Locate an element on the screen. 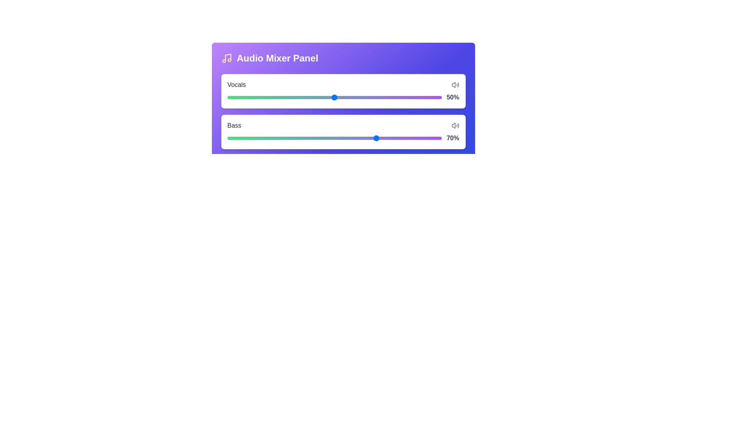 This screenshot has height=423, width=752. the music icon to interact with it is located at coordinates (226, 58).